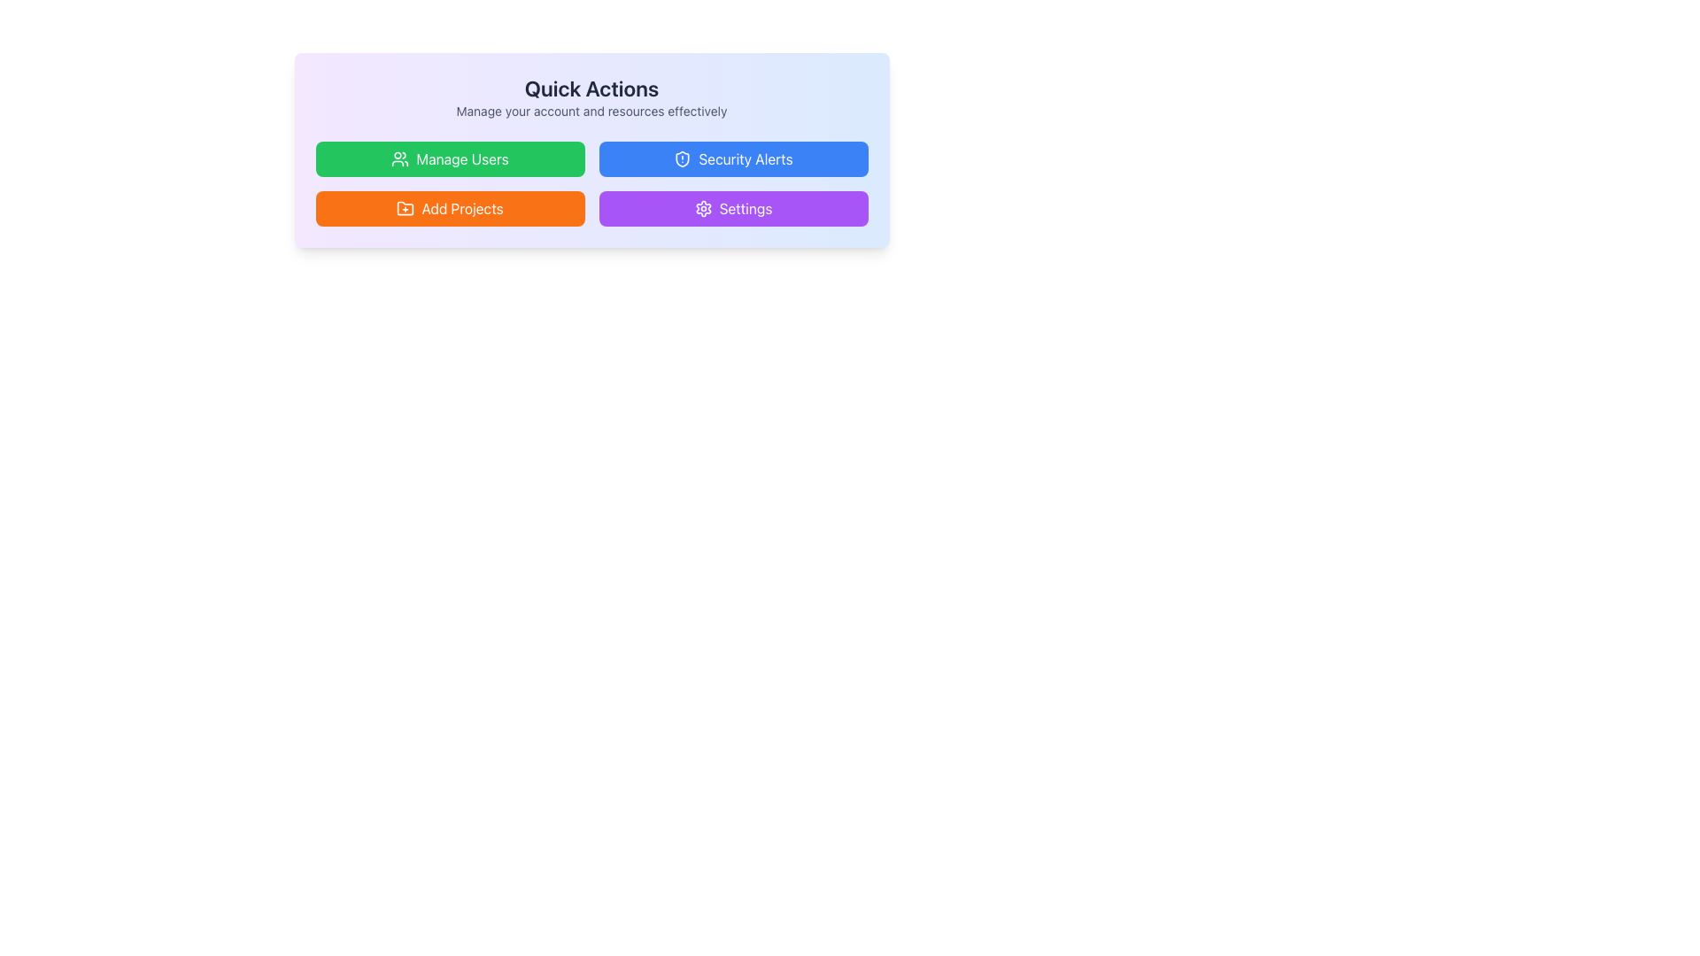  What do you see at coordinates (450, 159) in the screenshot?
I see `the 'Manage Users' button, which is a green button with white text and an icon of two user figures, located in the top-left position of the action button grid` at bounding box center [450, 159].